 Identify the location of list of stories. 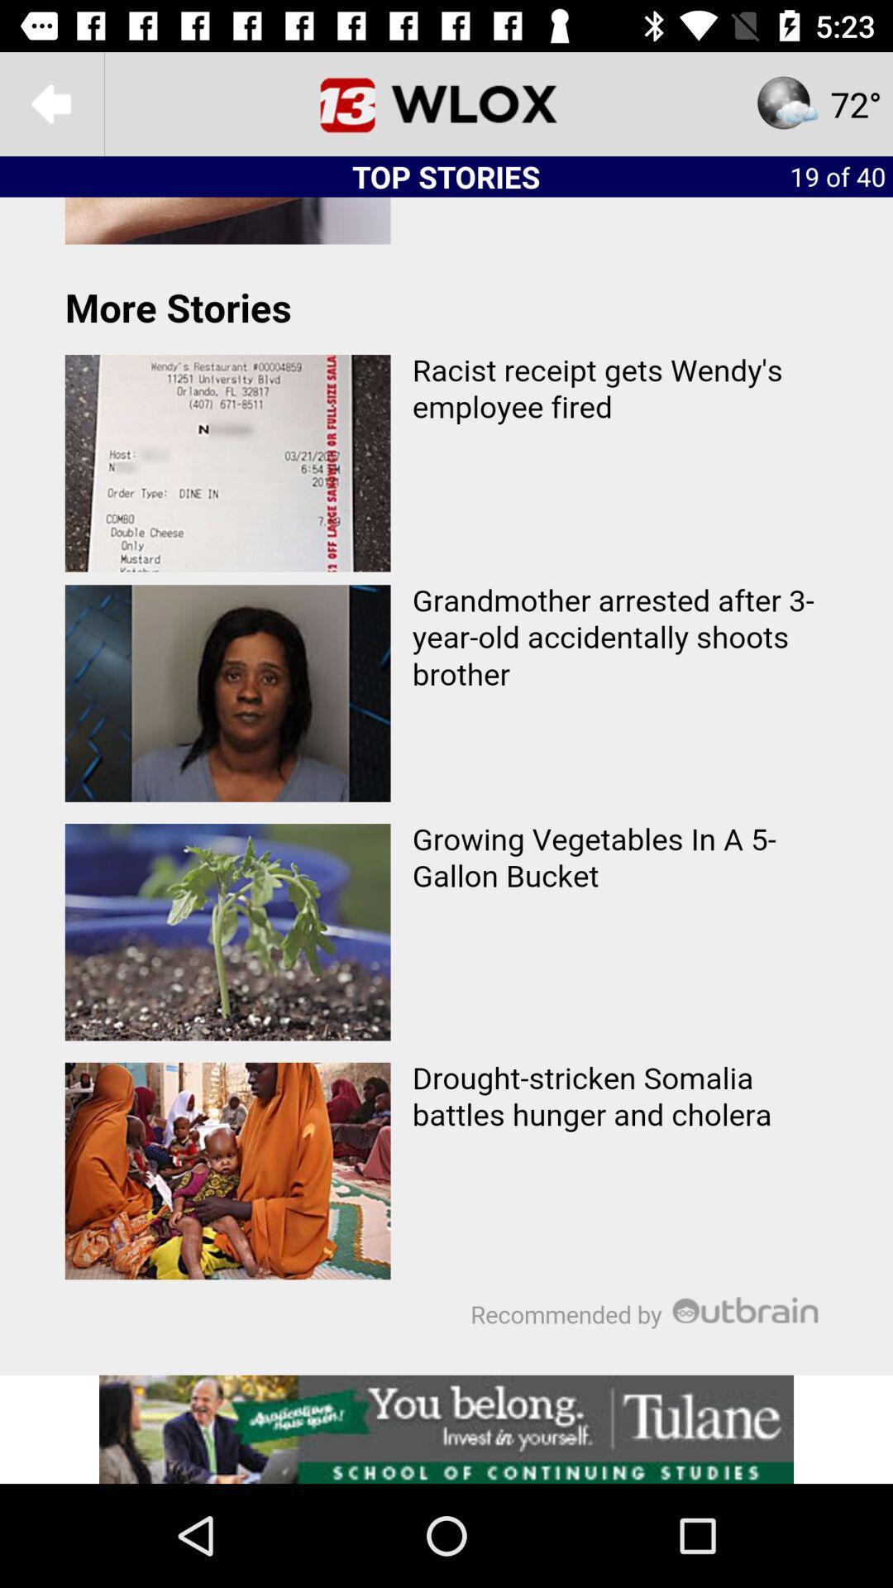
(446, 785).